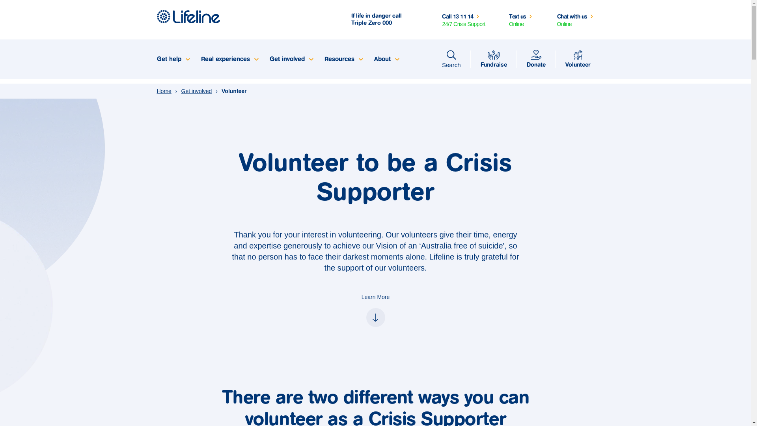 Image resolution: width=757 pixels, height=426 pixels. What do you see at coordinates (197, 90) in the screenshot?
I see `'Get involved'` at bounding box center [197, 90].